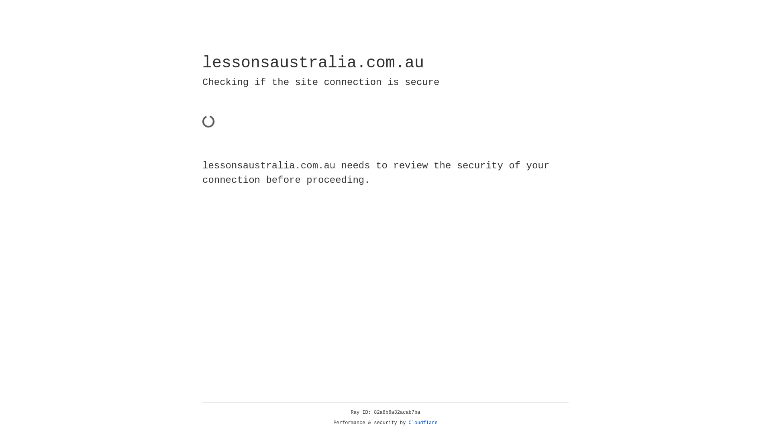 The width and height of the screenshot is (771, 433). I want to click on 'Cloudflare', so click(423, 423).